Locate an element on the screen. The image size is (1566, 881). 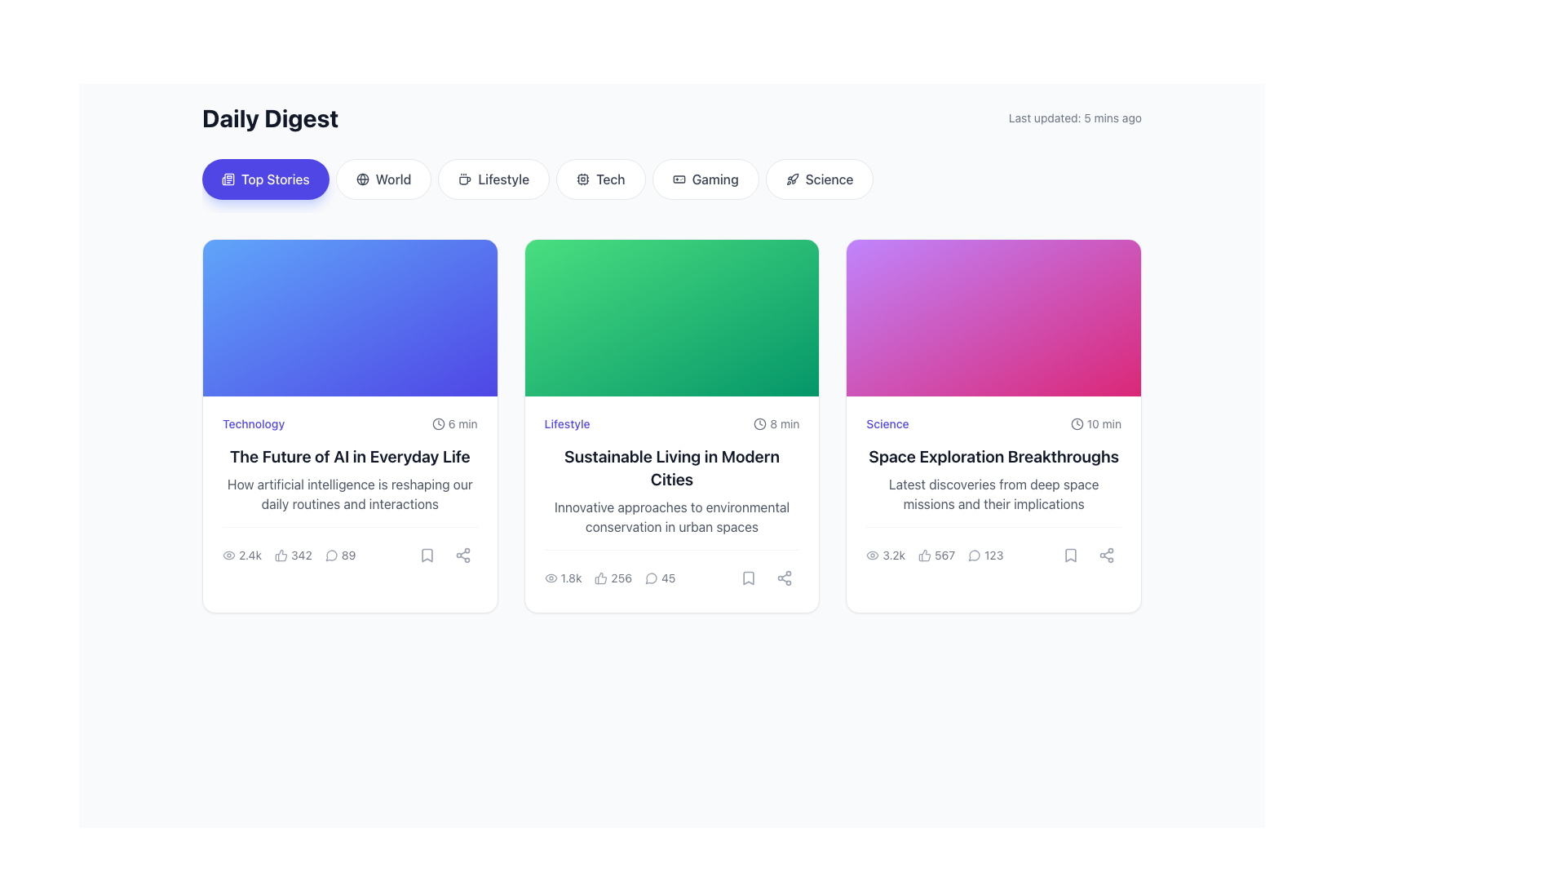
the button labeled 'Gaming' which contains a modern, minimalistic game controller icon located on the left side is located at coordinates (679, 179).